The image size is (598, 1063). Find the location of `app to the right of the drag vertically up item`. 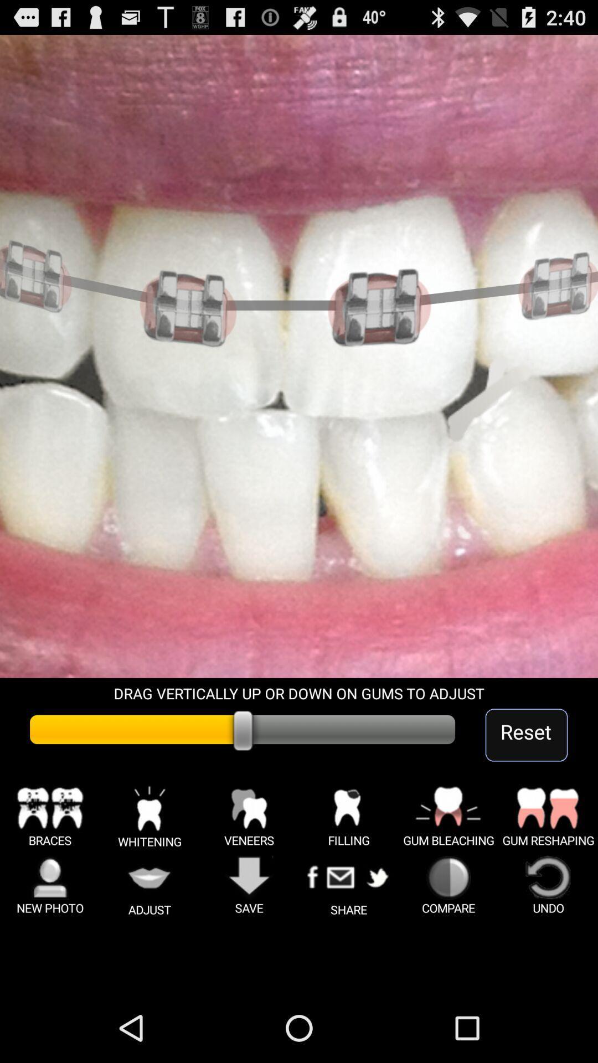

app to the right of the drag vertically up item is located at coordinates (526, 735).